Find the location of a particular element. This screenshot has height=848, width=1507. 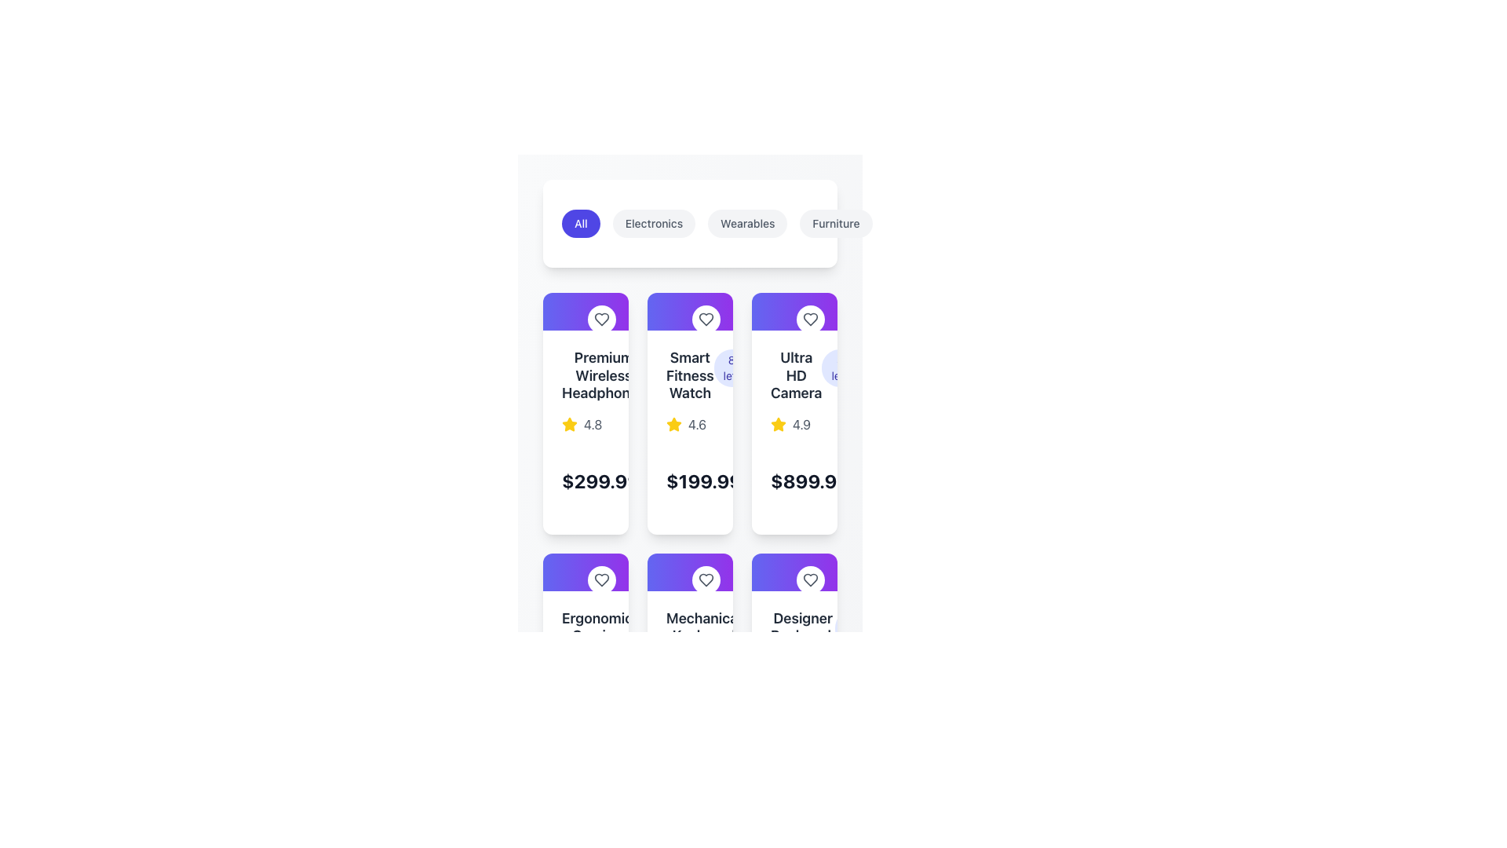

the heart-shaped icon within the white circular button to favorite the item is located at coordinates (601, 579).